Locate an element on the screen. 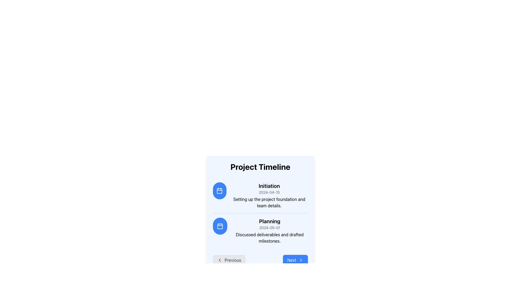  the Timeline Entry located below the 'Initiation' section is located at coordinates (260, 230).